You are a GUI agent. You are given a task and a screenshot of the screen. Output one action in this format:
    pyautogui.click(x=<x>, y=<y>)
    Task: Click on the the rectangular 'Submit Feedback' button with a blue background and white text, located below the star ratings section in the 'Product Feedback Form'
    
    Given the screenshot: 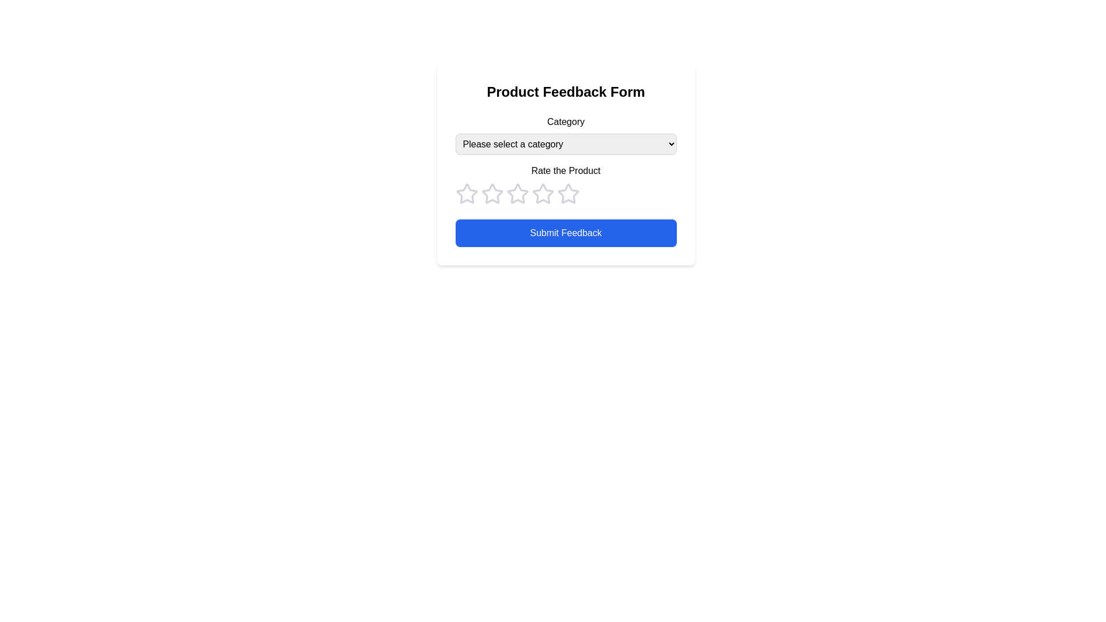 What is the action you would take?
    pyautogui.click(x=566, y=233)
    